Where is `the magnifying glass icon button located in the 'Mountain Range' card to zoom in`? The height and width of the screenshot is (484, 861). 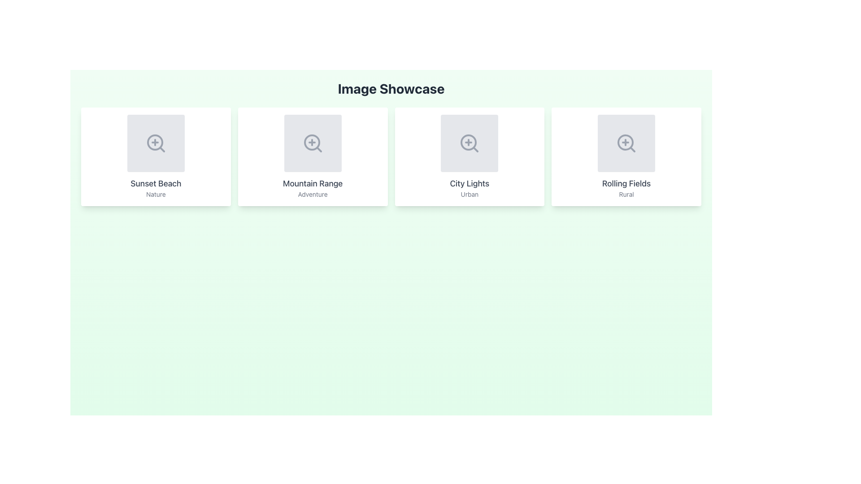 the magnifying glass icon button located in the 'Mountain Range' card to zoom in is located at coordinates (313, 143).